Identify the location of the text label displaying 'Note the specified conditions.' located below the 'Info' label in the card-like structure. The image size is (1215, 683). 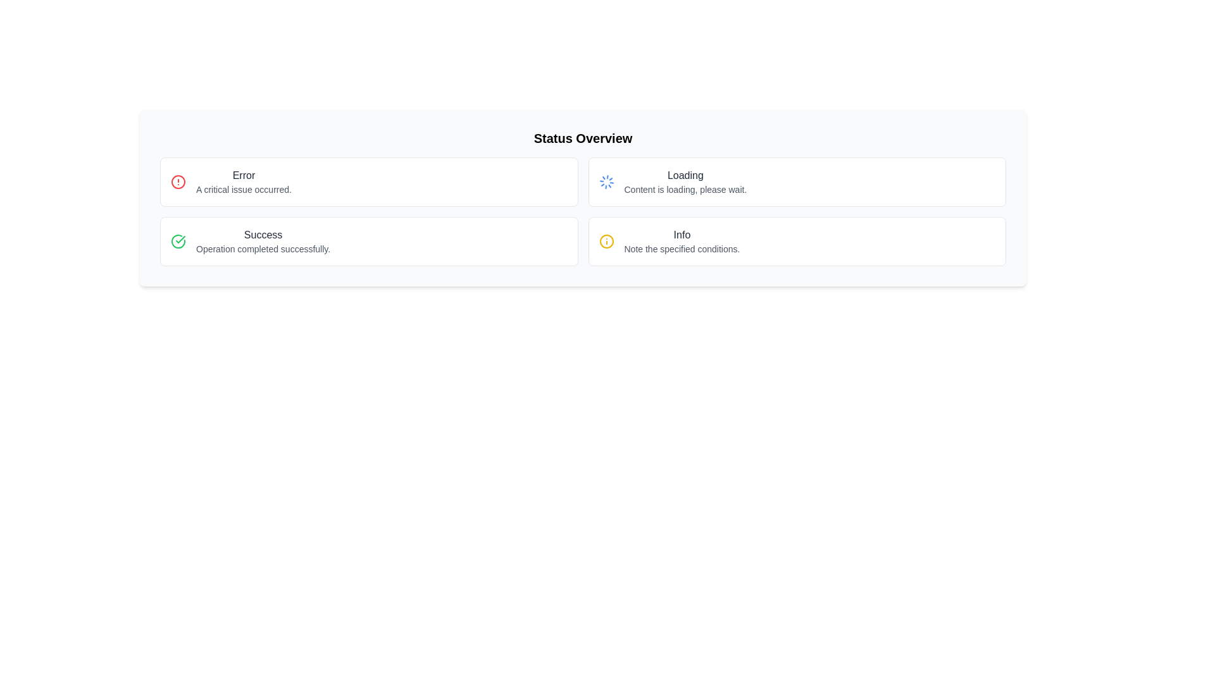
(681, 249).